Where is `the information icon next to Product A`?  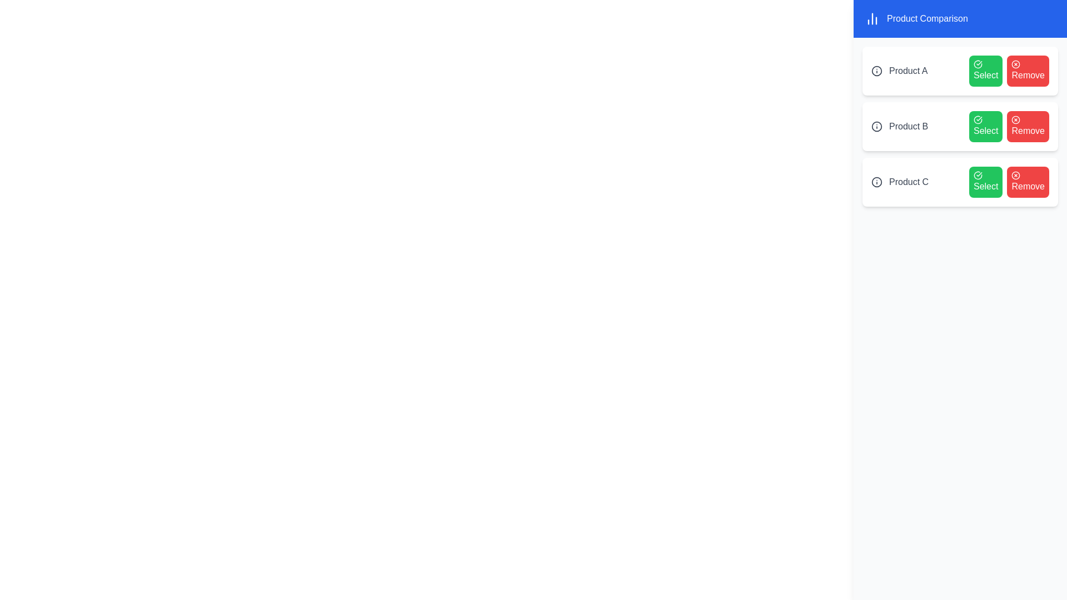
the information icon next to Product A is located at coordinates (876, 71).